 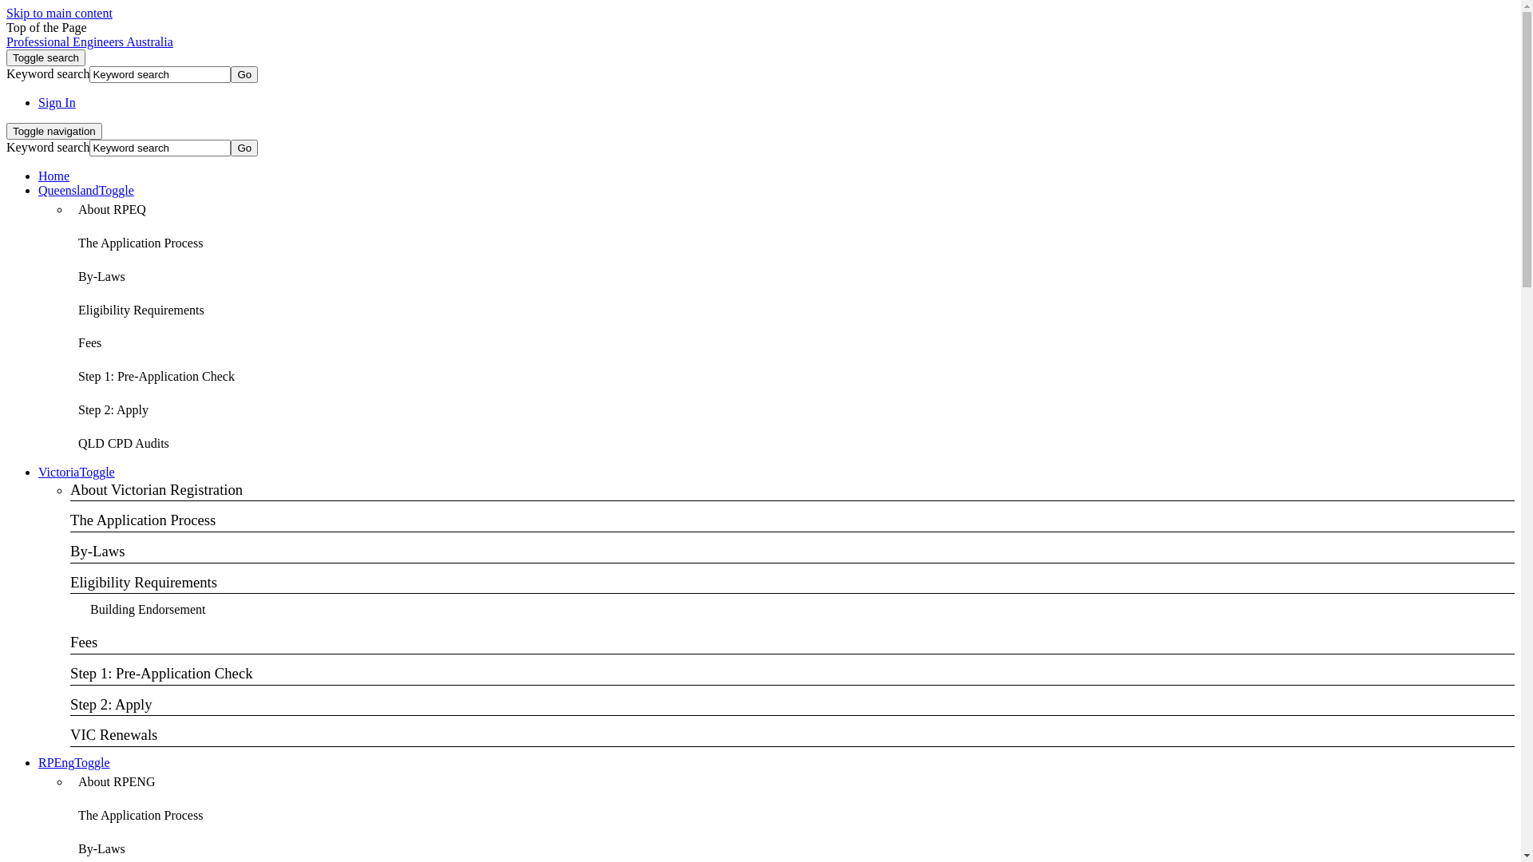 What do you see at coordinates (85, 189) in the screenshot?
I see `'QueenslandToggle'` at bounding box center [85, 189].